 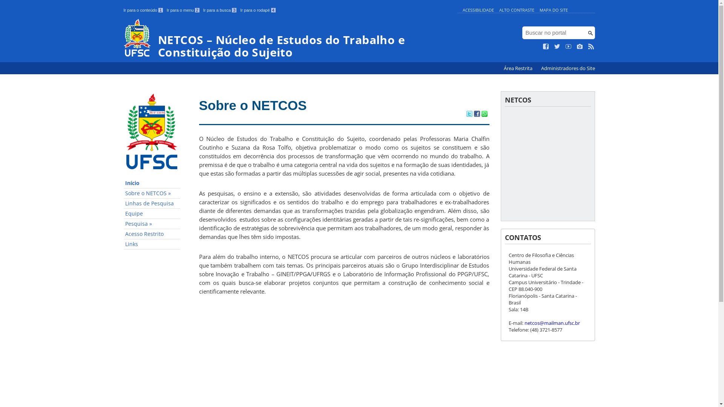 What do you see at coordinates (568, 68) in the screenshot?
I see `'Administradores do Site'` at bounding box center [568, 68].